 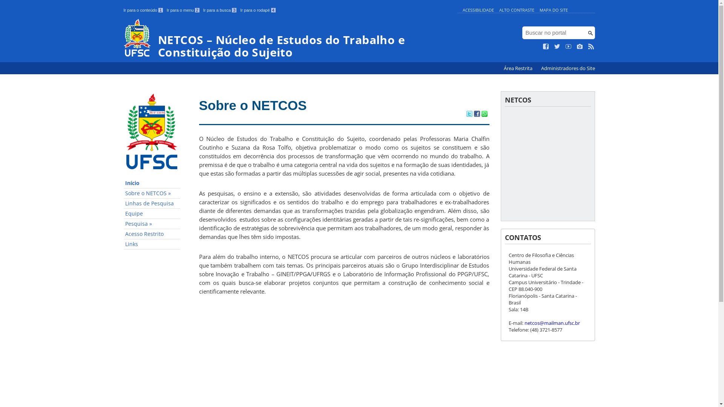 What do you see at coordinates (568, 68) in the screenshot?
I see `'Administradores do Site'` at bounding box center [568, 68].